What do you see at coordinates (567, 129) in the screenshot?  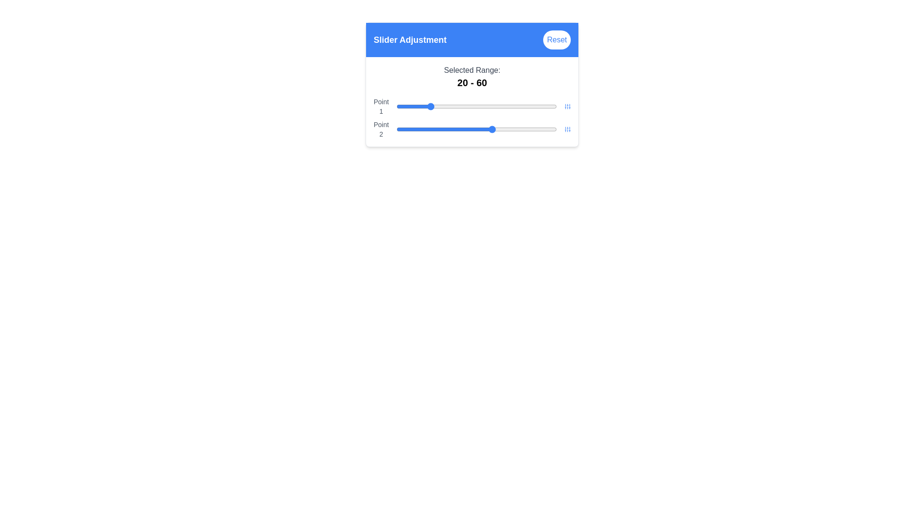 I see `the blue icon styled with a vertical slider layout located to the far right of the slider control associated with the 'Point 2' text label` at bounding box center [567, 129].